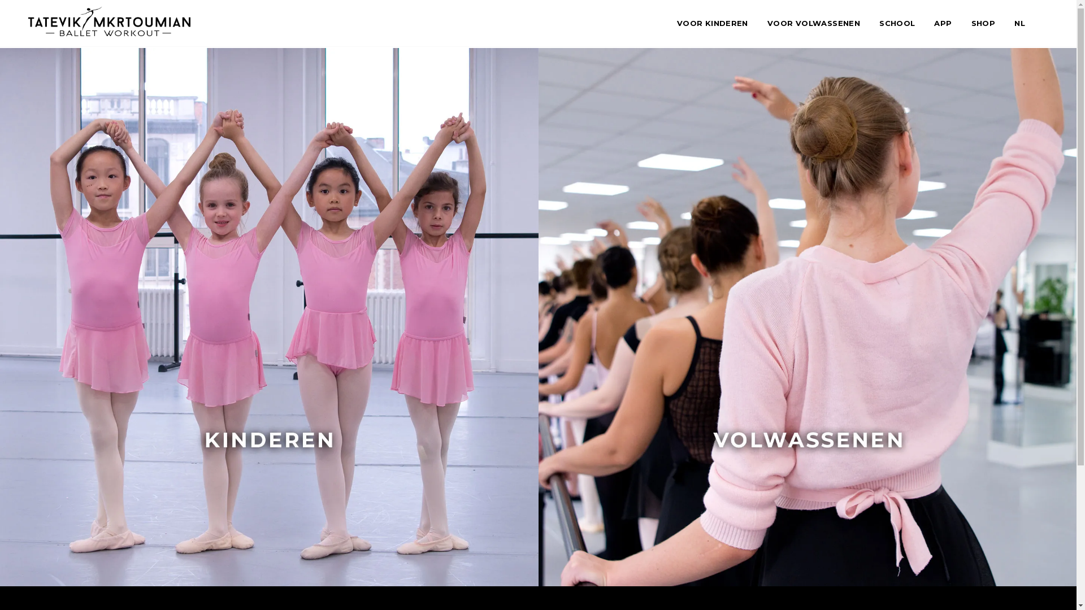  I want to click on 'SCHOOL', so click(896, 23).